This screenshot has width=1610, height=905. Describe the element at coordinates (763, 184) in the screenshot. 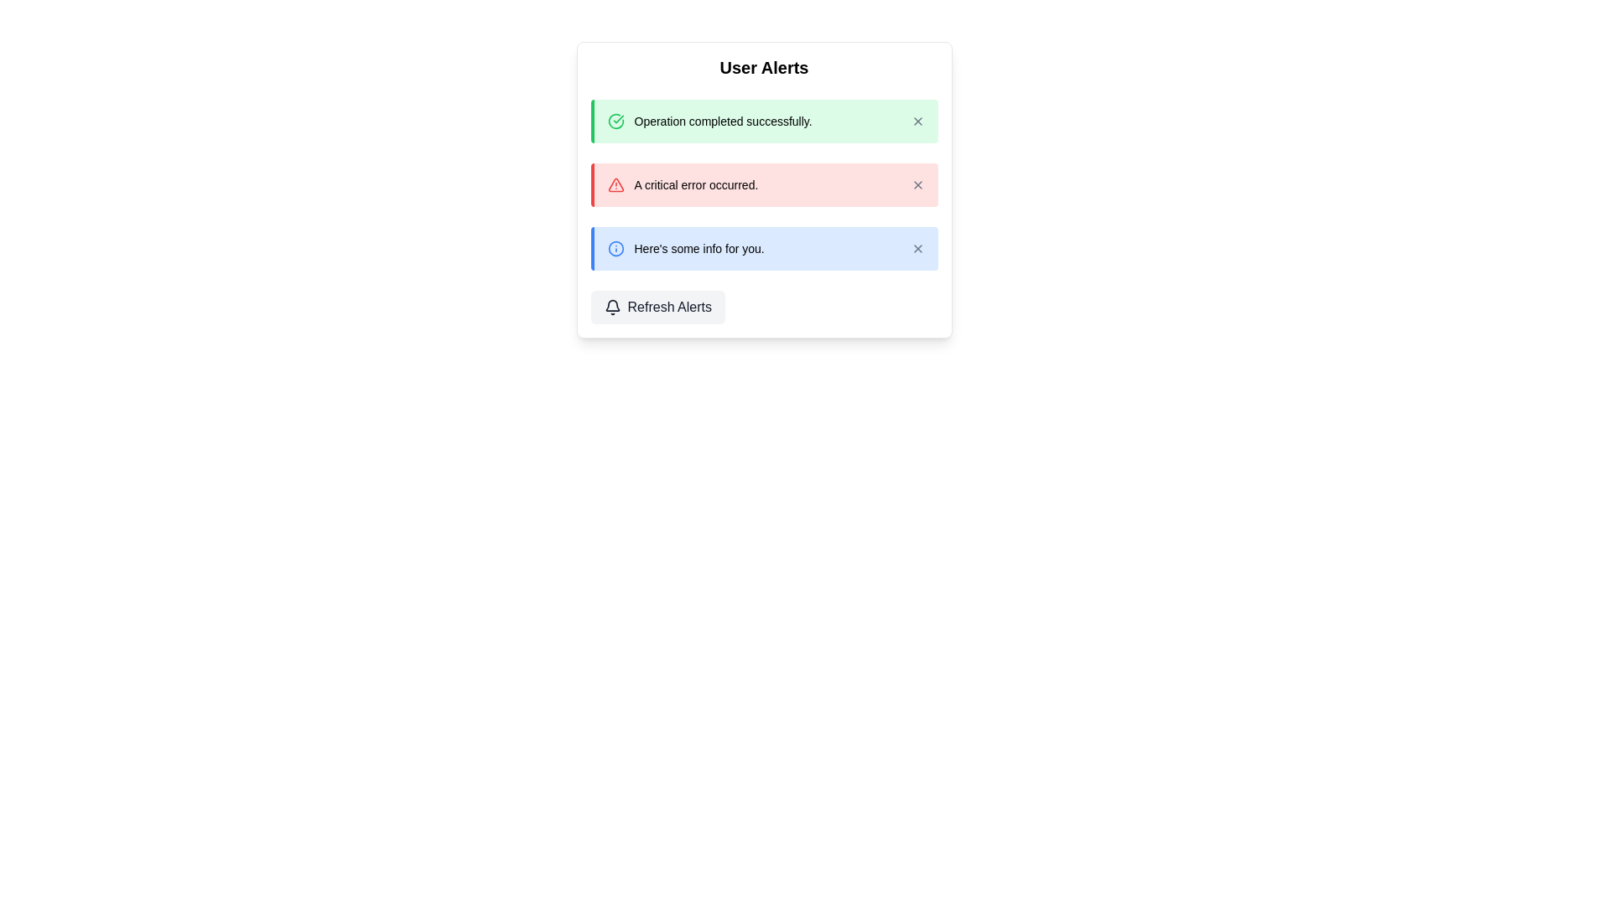

I see `the close button of the second notification alert box, which indicates a critical error and is located below the 'Operation completed successfully.' message` at that location.